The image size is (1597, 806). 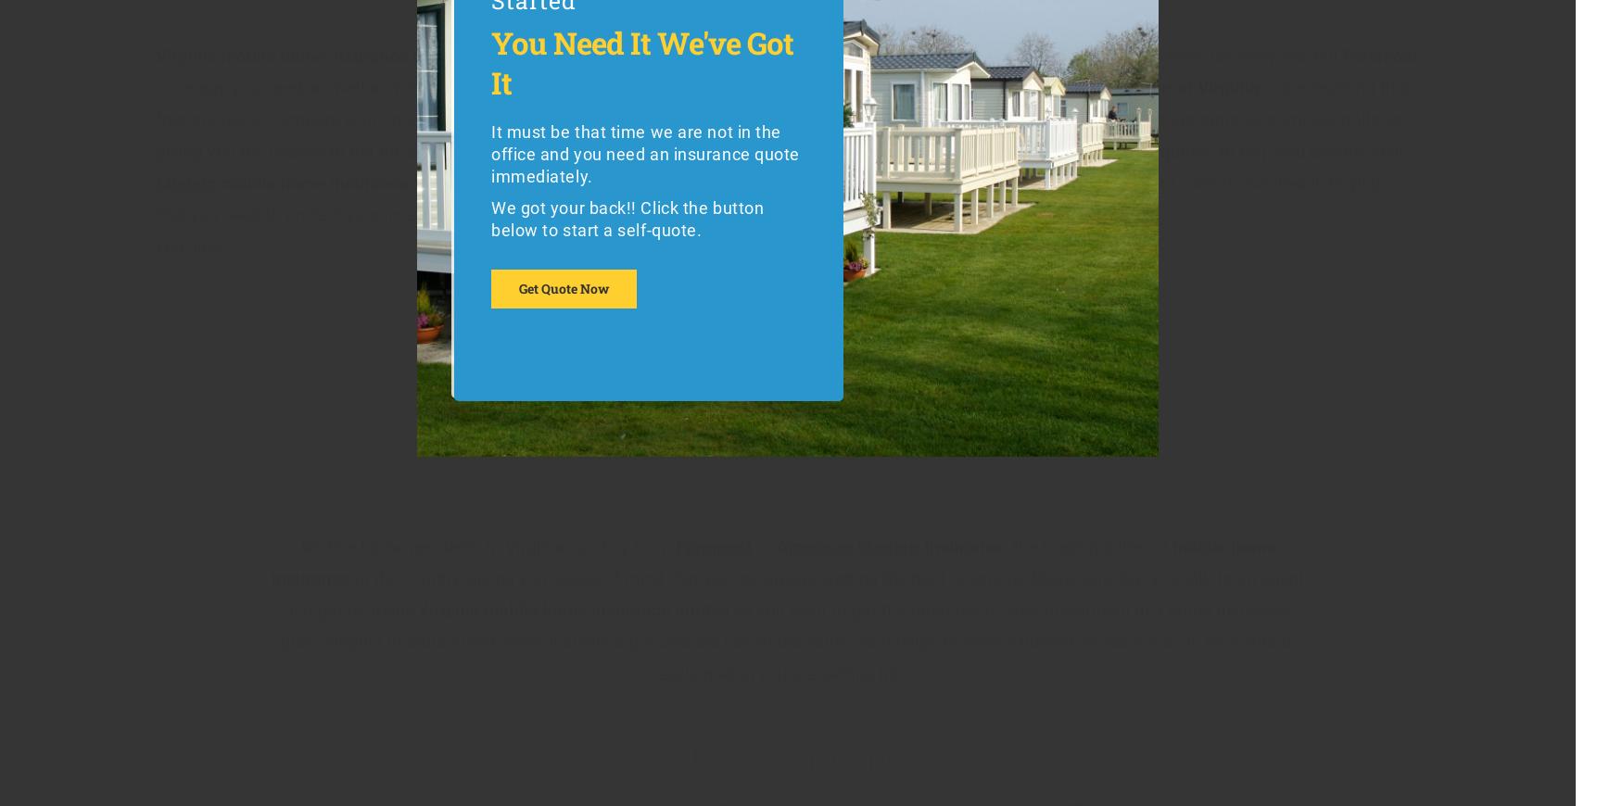 What do you see at coordinates (1023, 86) in the screenshot?
I see `'American Modern of Virginia'` at bounding box center [1023, 86].